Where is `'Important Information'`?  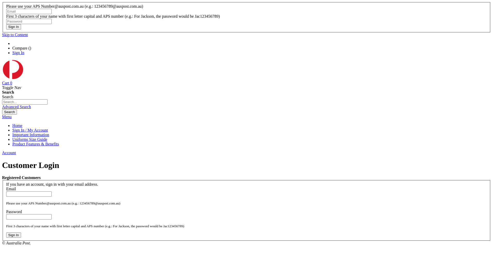
'Important Information' is located at coordinates (31, 134).